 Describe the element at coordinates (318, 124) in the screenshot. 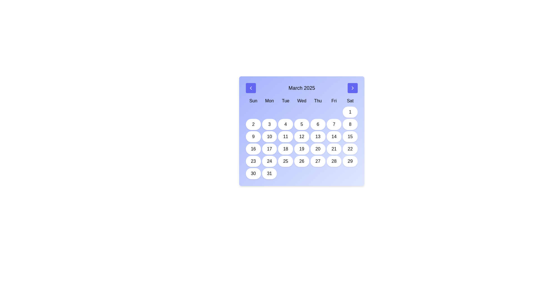

I see `the circular button with a white background and the numeral '6' in black text, located in the second row, sixth column of the grid-based calendar interface` at that location.